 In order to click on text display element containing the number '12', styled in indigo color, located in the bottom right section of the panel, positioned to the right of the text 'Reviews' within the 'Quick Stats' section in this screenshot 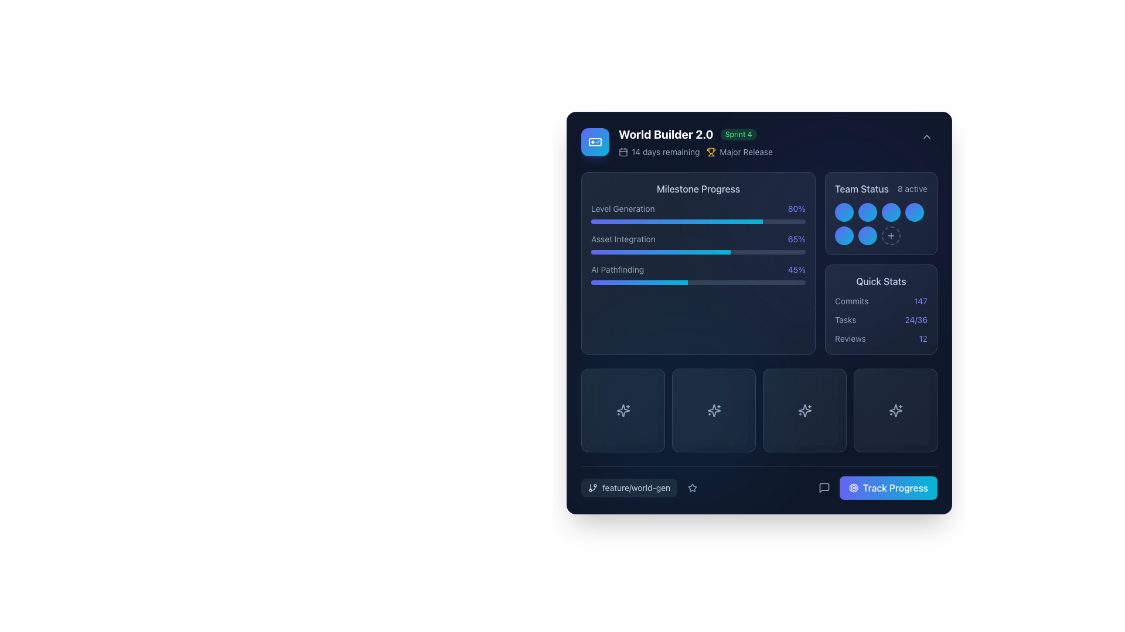, I will do `click(922, 338)`.